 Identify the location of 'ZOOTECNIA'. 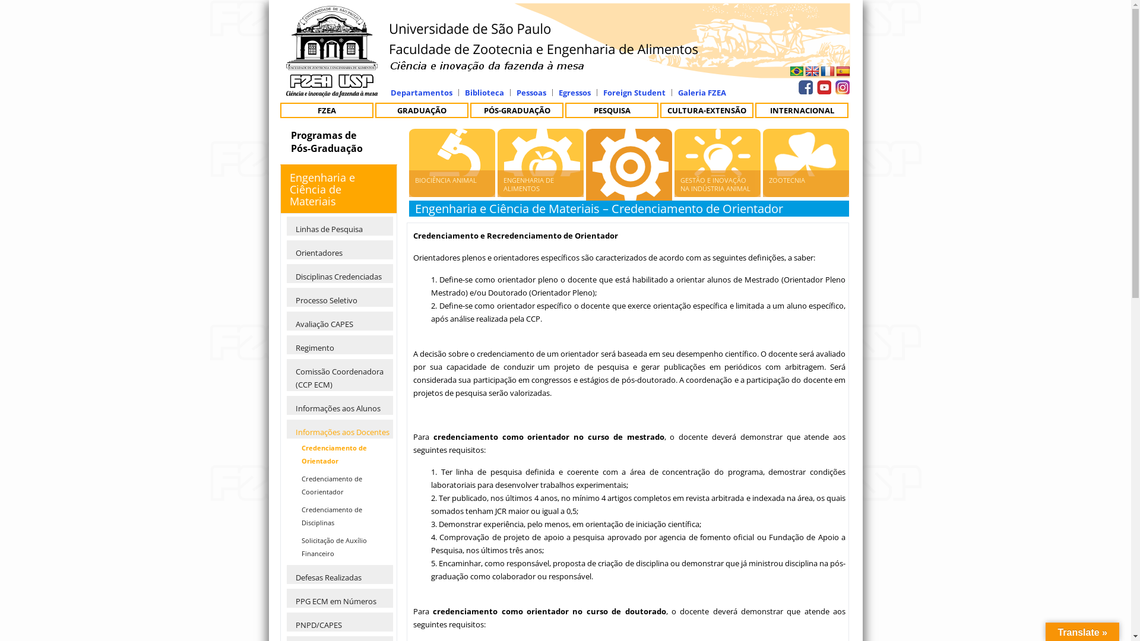
(806, 183).